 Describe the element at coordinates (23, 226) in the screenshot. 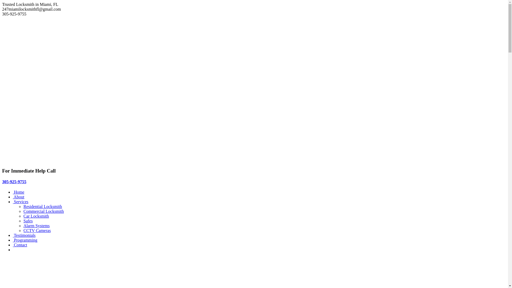

I see `'Alarm Systems'` at that location.